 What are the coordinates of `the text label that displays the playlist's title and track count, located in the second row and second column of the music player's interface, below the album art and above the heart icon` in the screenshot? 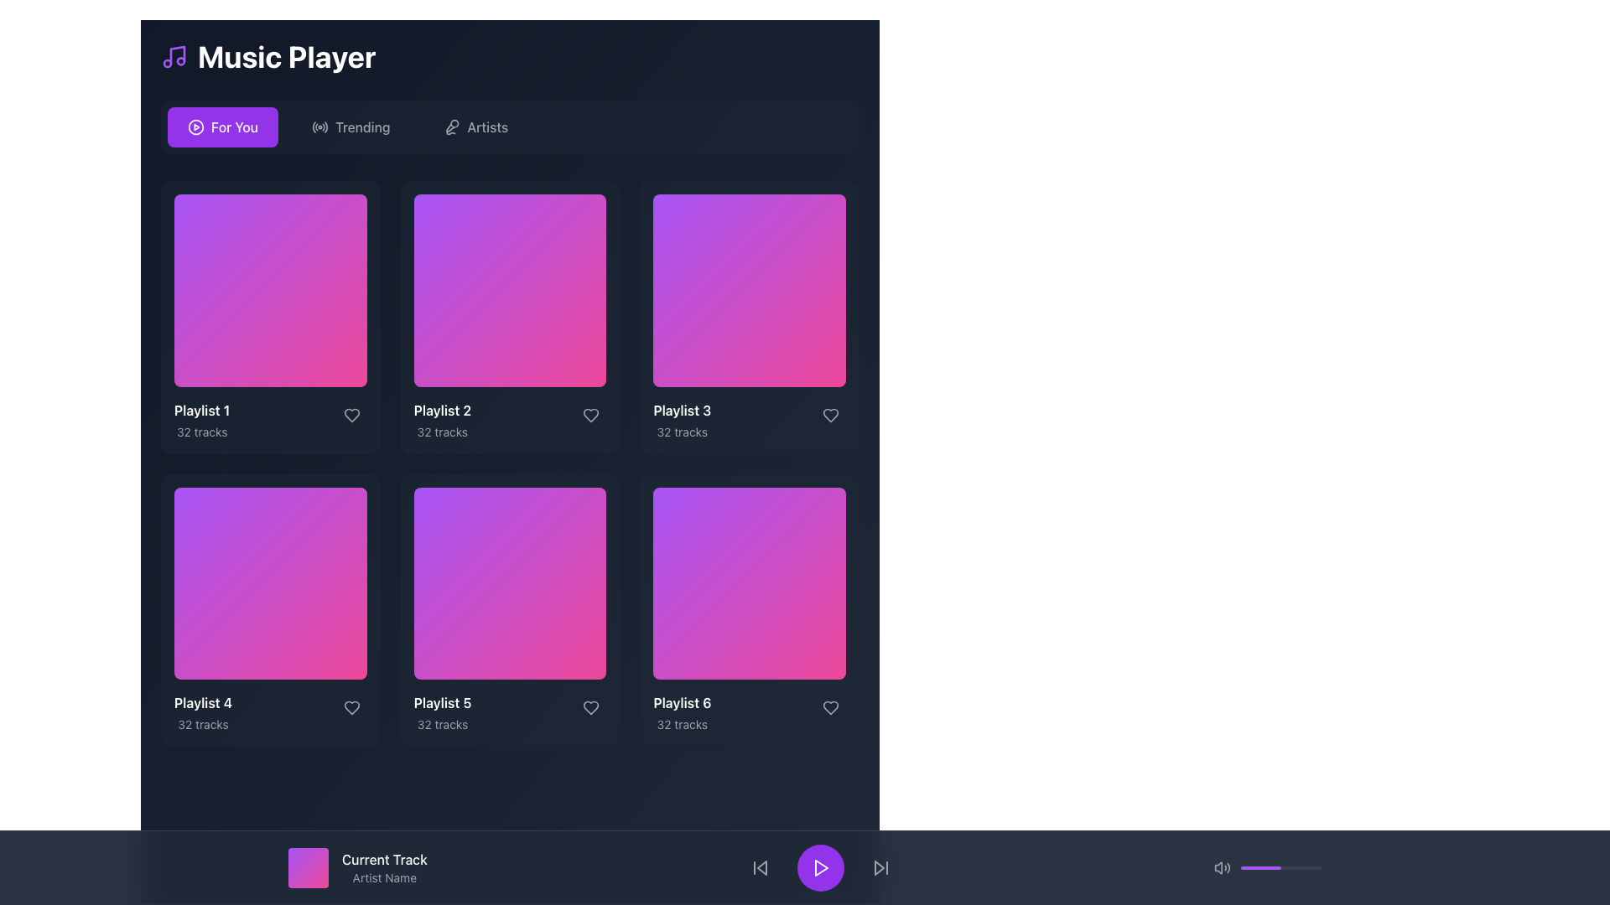 It's located at (443, 713).